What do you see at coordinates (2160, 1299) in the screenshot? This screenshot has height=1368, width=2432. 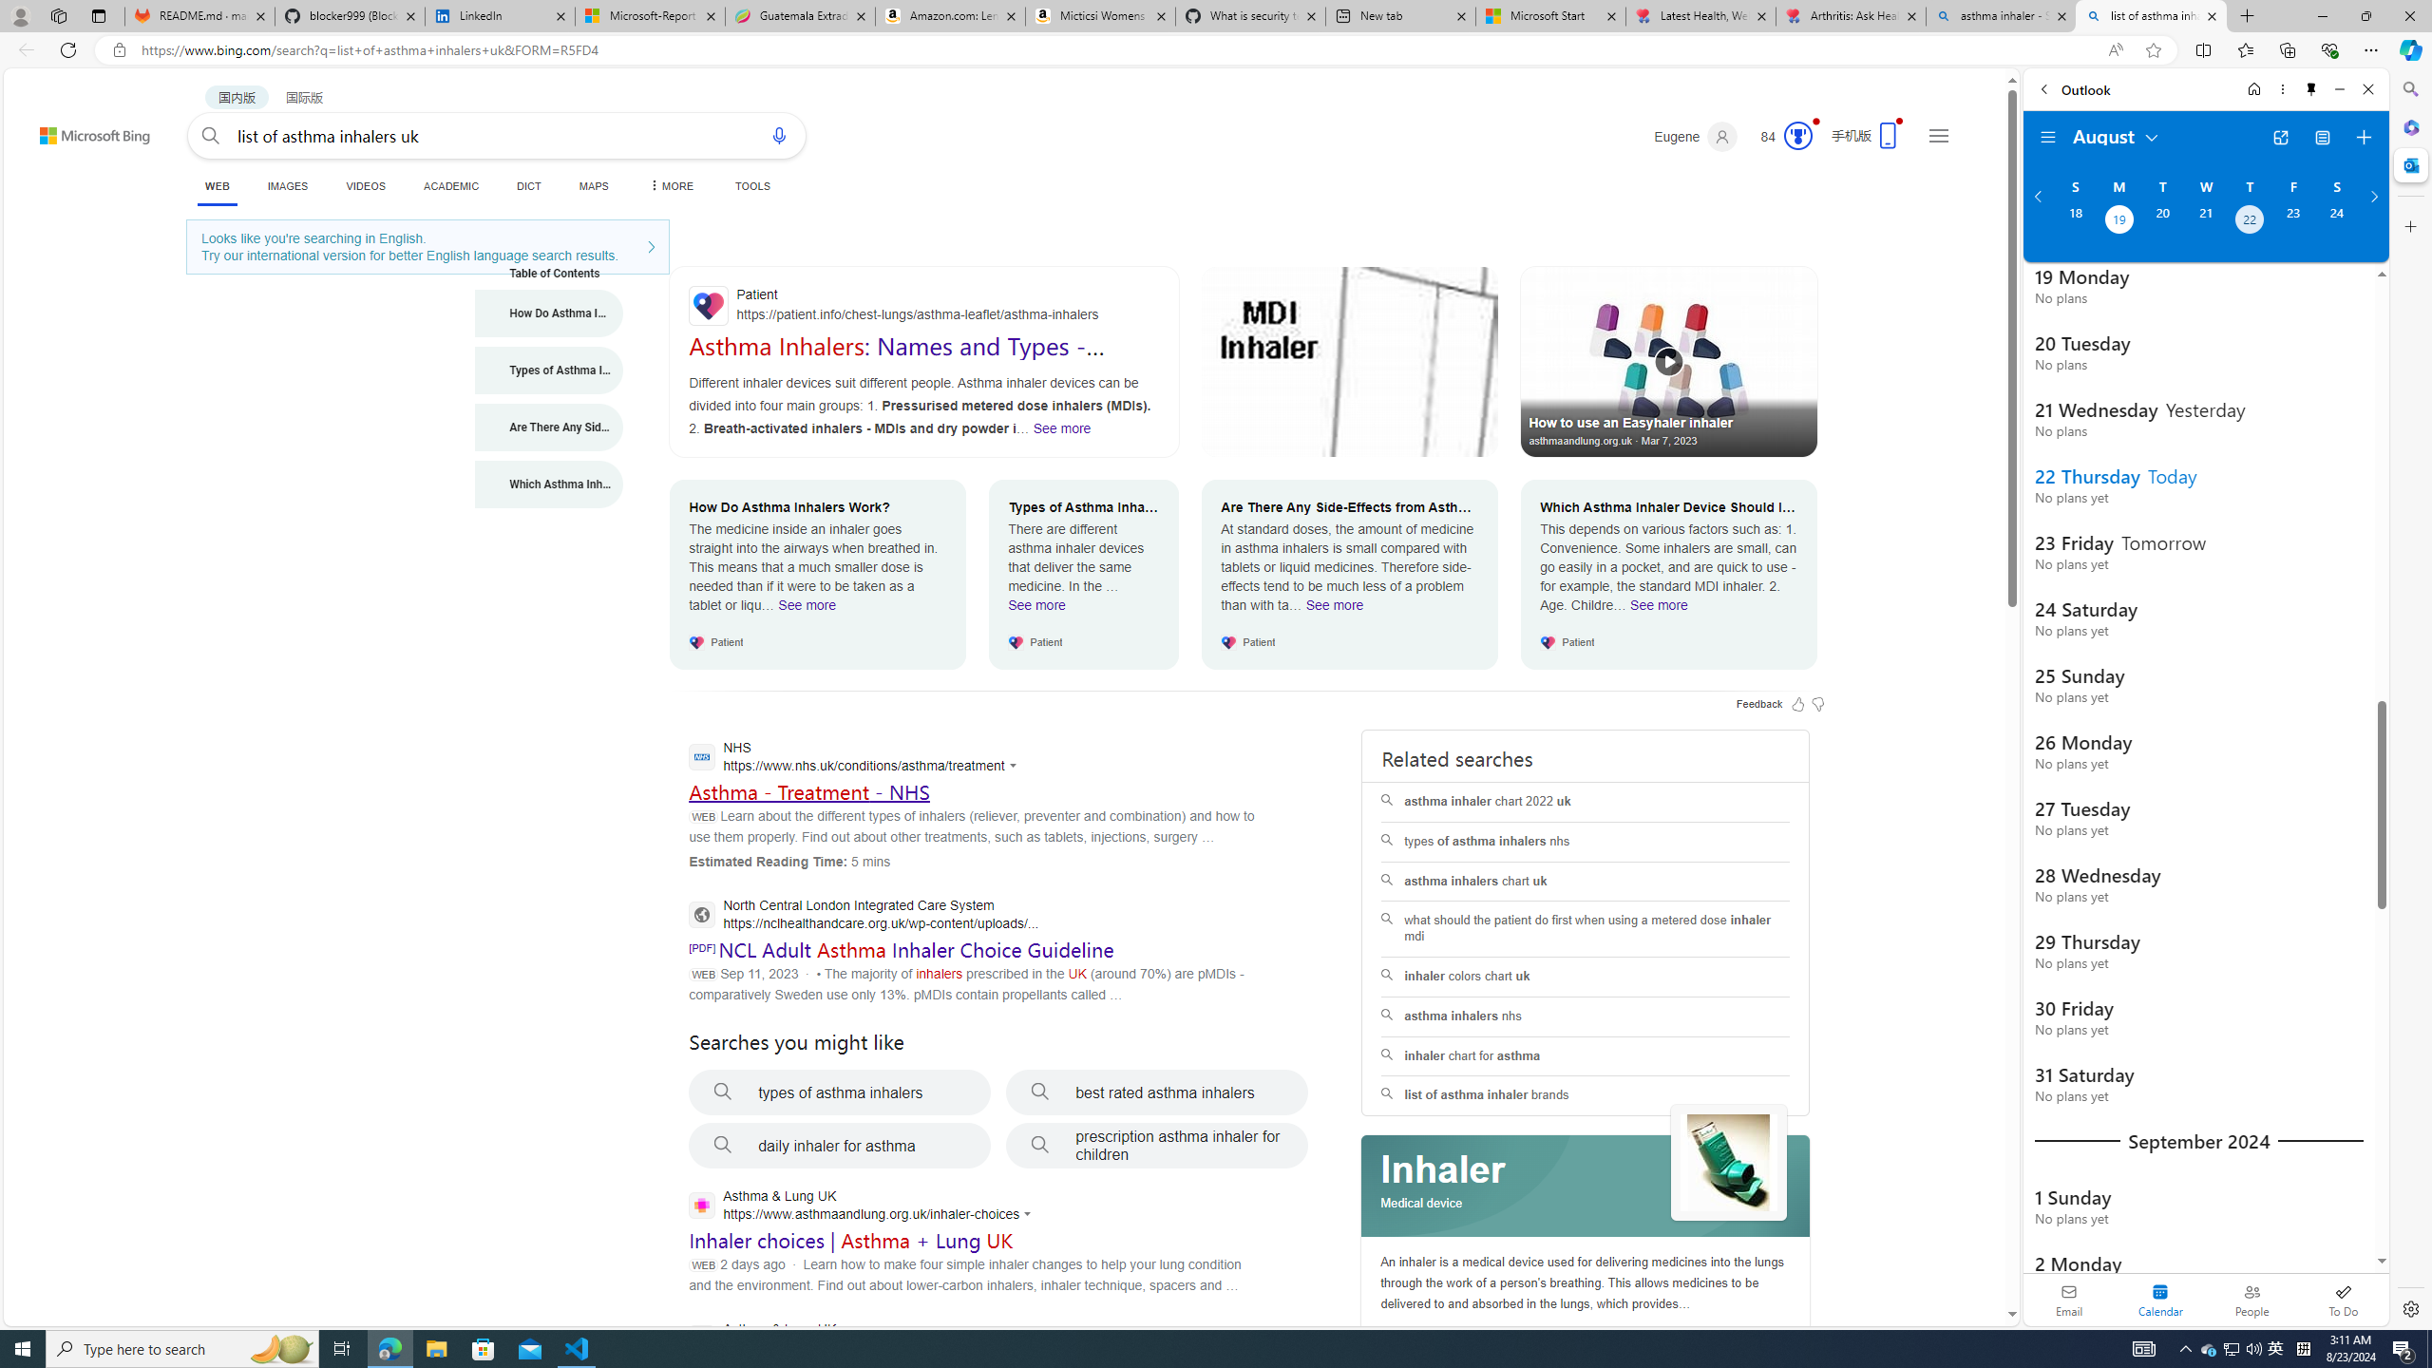 I see `'Selected calendar module. Date today is 22'` at bounding box center [2160, 1299].